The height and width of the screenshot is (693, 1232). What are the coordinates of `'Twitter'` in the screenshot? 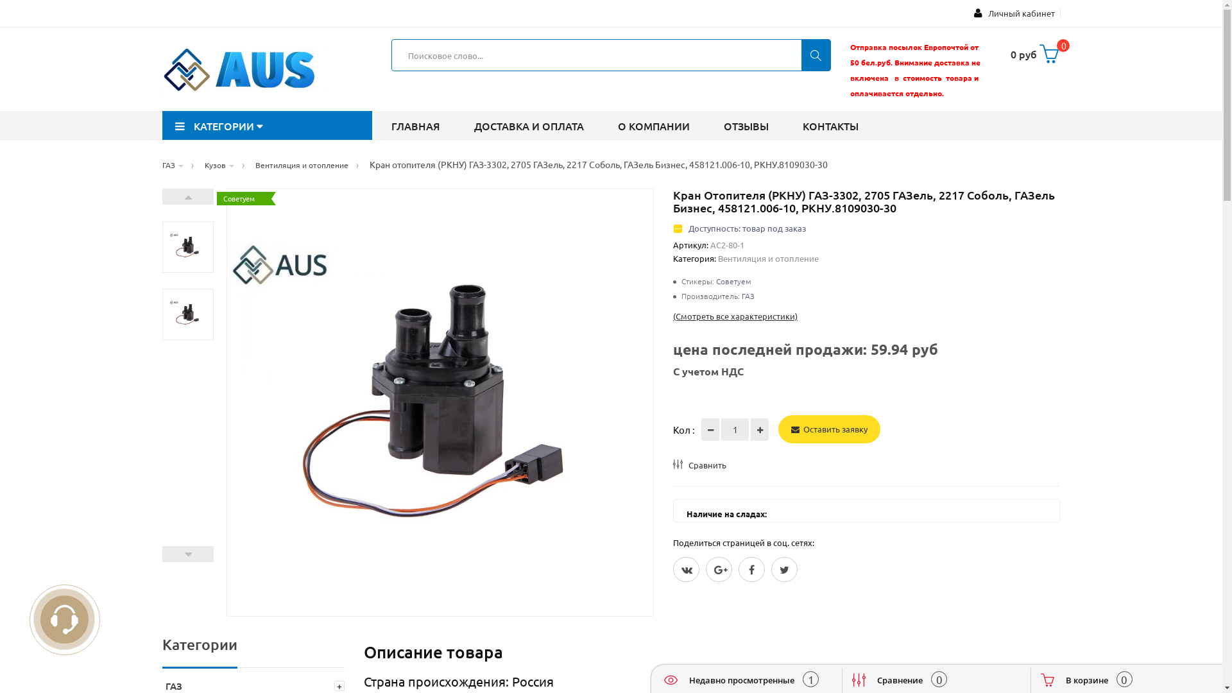 It's located at (770, 569).